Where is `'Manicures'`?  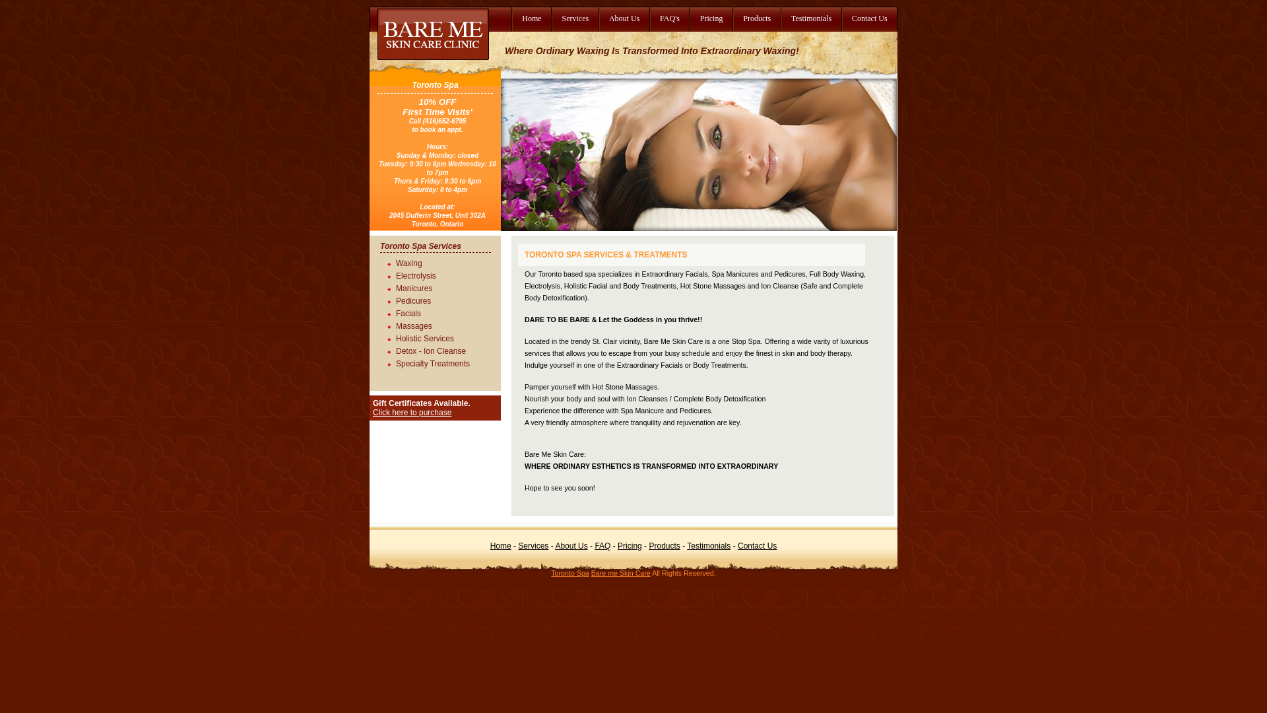
'Manicures' is located at coordinates (445, 286).